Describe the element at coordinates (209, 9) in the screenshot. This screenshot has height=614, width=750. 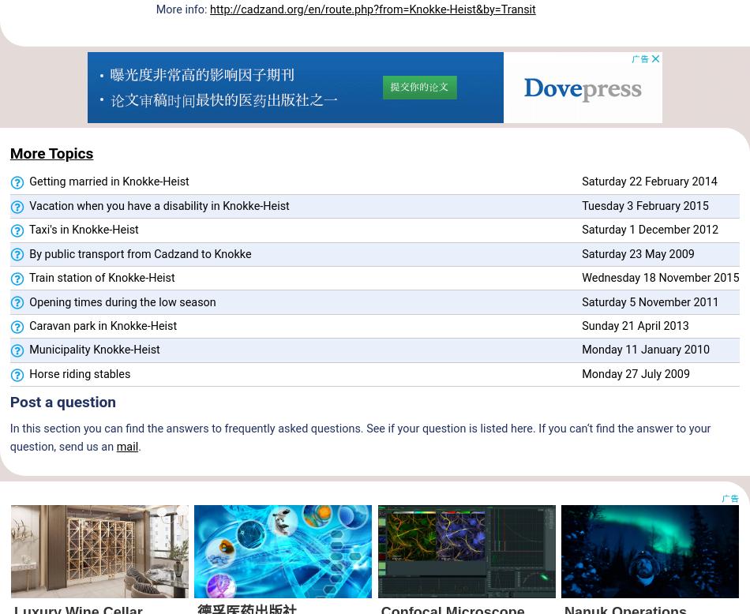
I see `'http://cadzand.org/en/route.php?from=Knokke-Heist&by=Transit'` at that location.